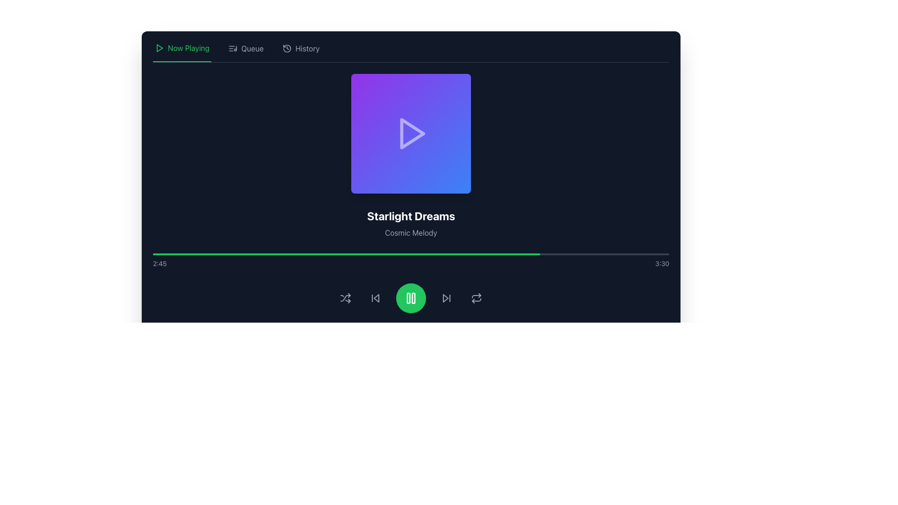  What do you see at coordinates (307, 49) in the screenshot?
I see `the 'History' text label in the top navigation bar, located to the right of the 'Queue' item` at bounding box center [307, 49].